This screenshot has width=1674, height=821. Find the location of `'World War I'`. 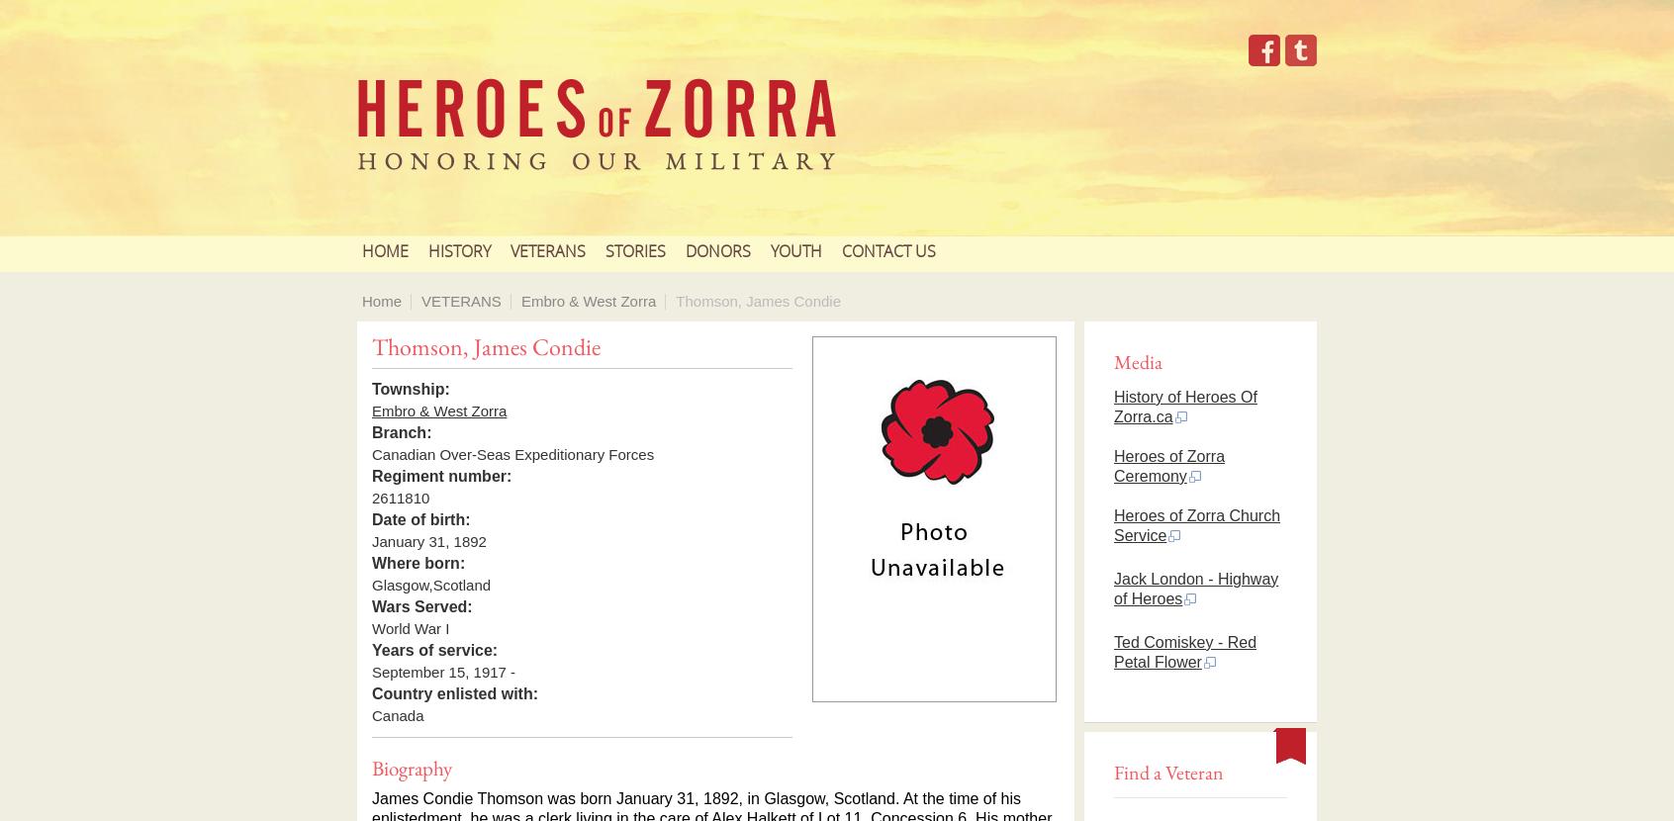

'World War I' is located at coordinates (411, 627).